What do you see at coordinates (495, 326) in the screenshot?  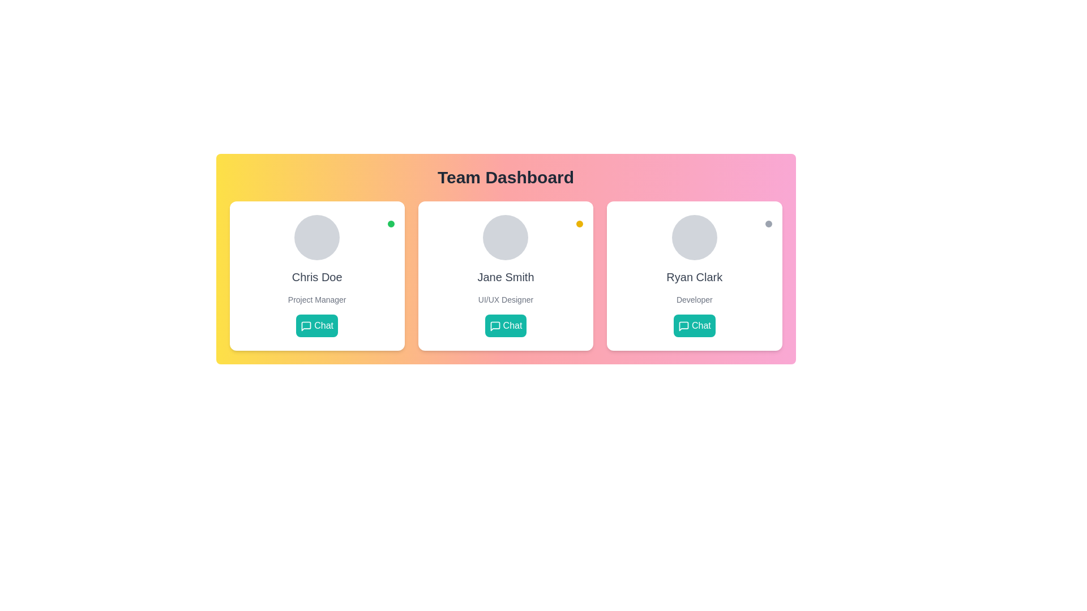 I see `SVG chat icon resembling a speech bubble located below the user's designation in the second card associated with 'Jane Smith'` at bounding box center [495, 326].